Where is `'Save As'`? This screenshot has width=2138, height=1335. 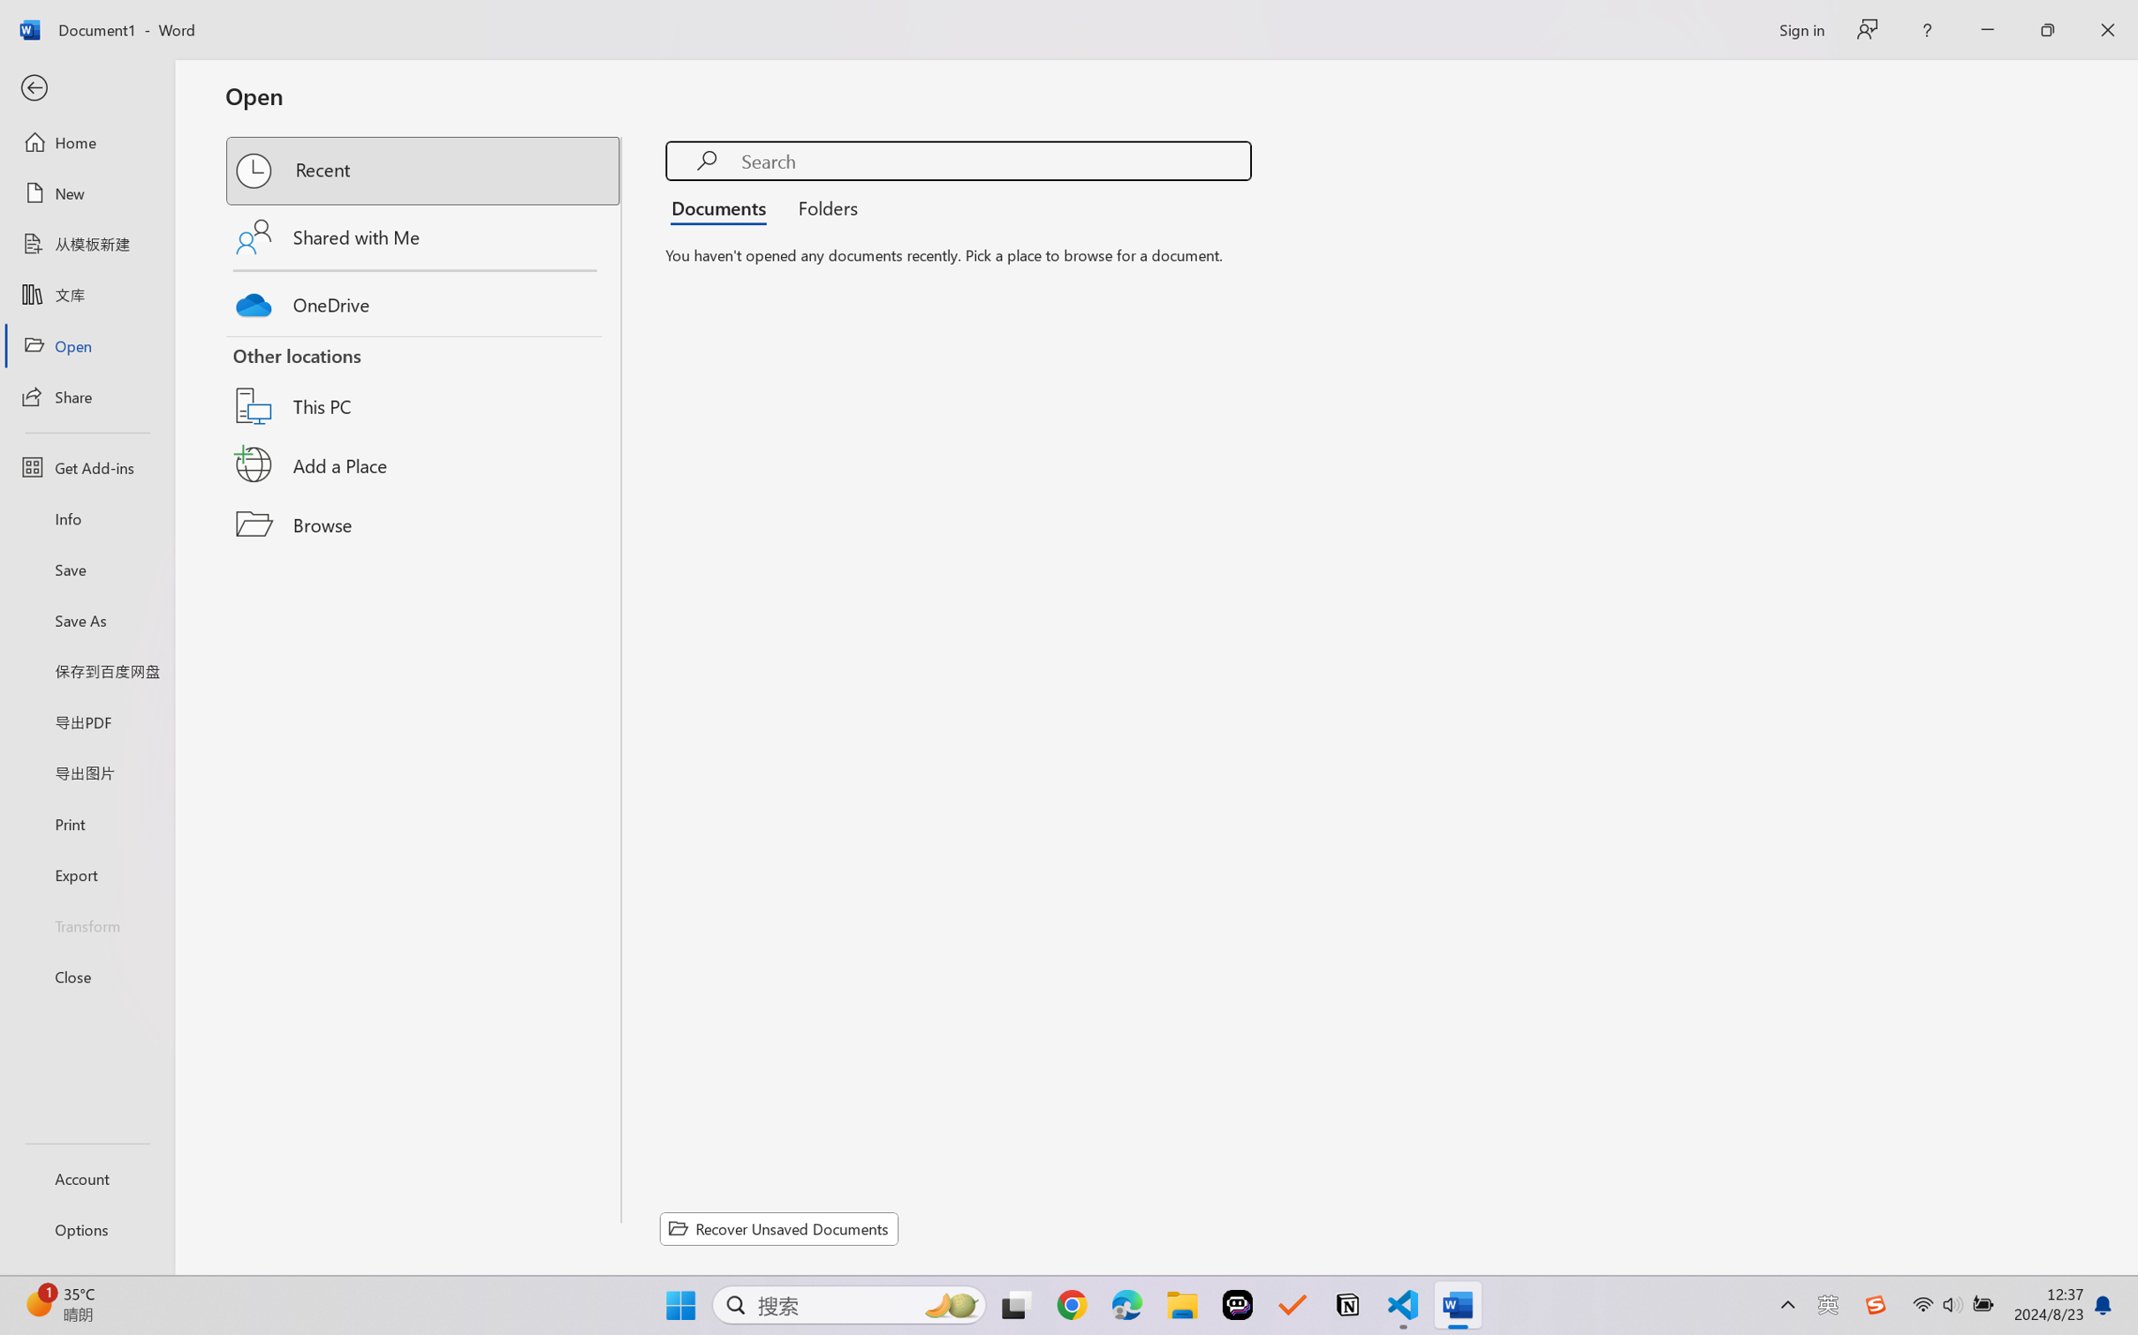
'Save As' is located at coordinates (86, 620).